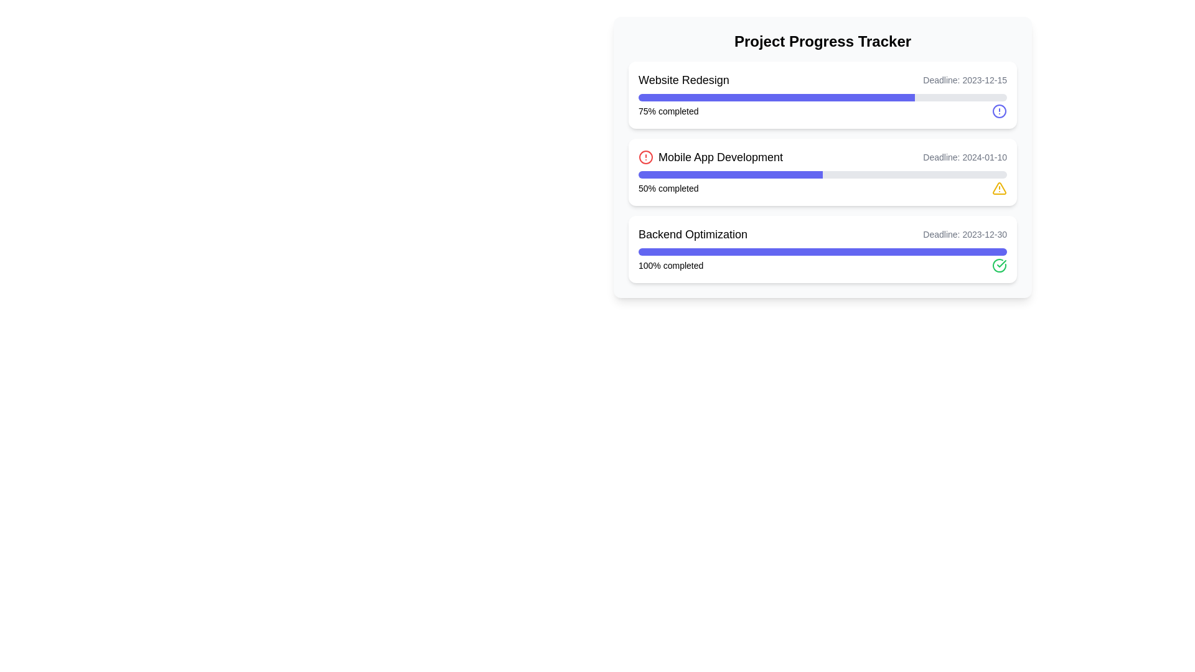  I want to click on the text label displaying '50% completed' which indicates the progress of the Mobile App Development task, so click(668, 189).